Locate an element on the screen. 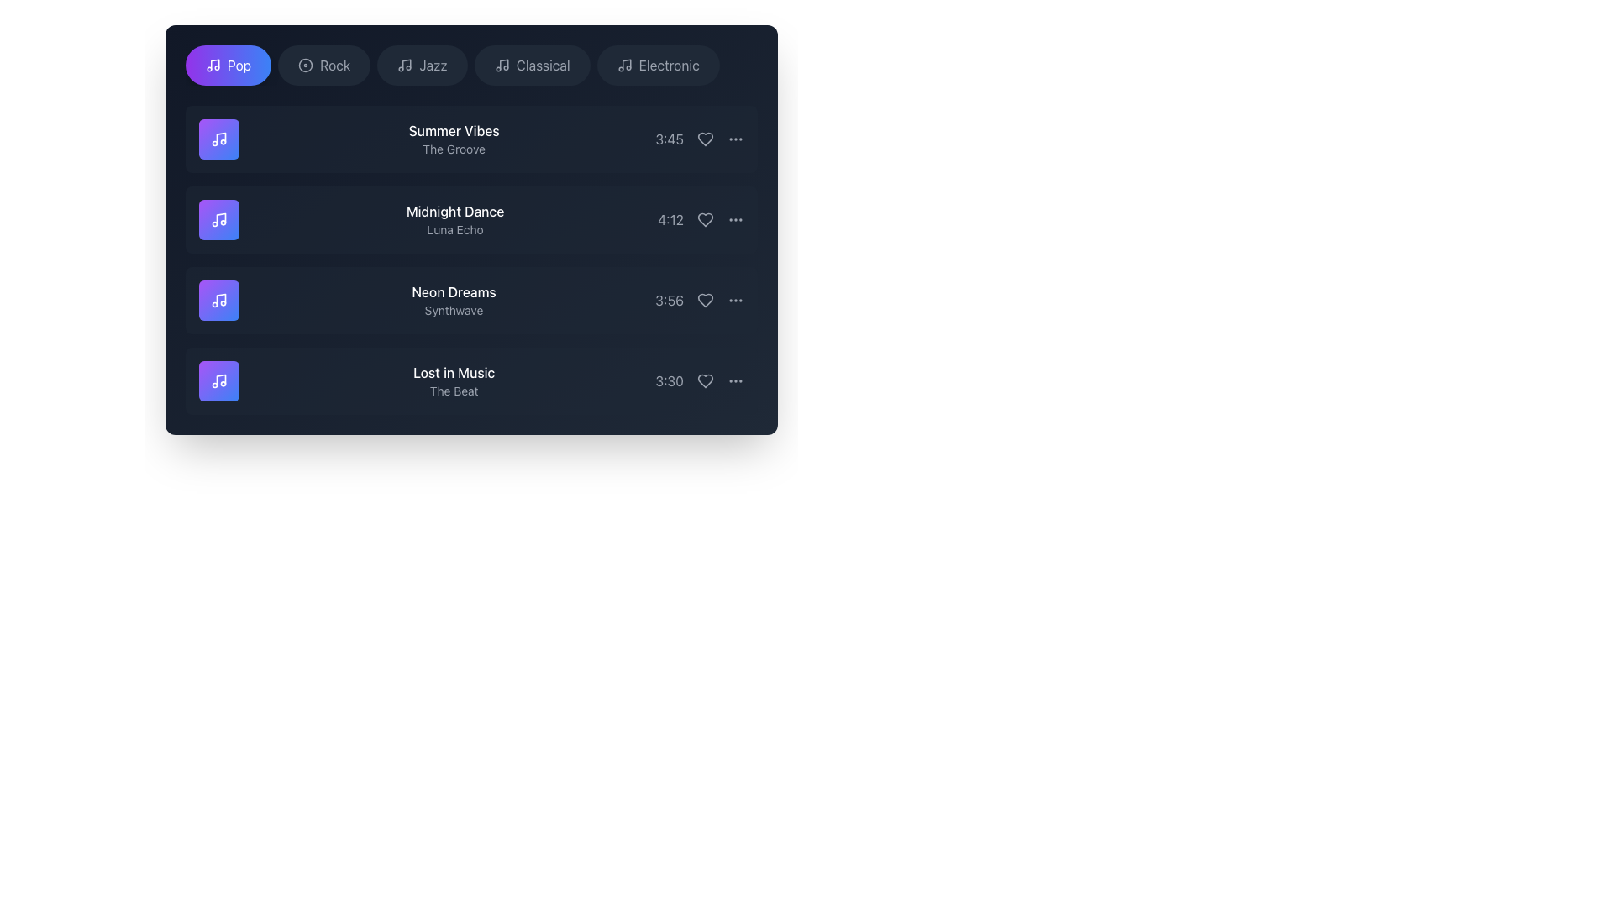  the 'Jazz' button, which is a rounded rectangle with a dark gray background and lighter gray text, located in the top horizontal list of music categories is located at coordinates (423, 64).